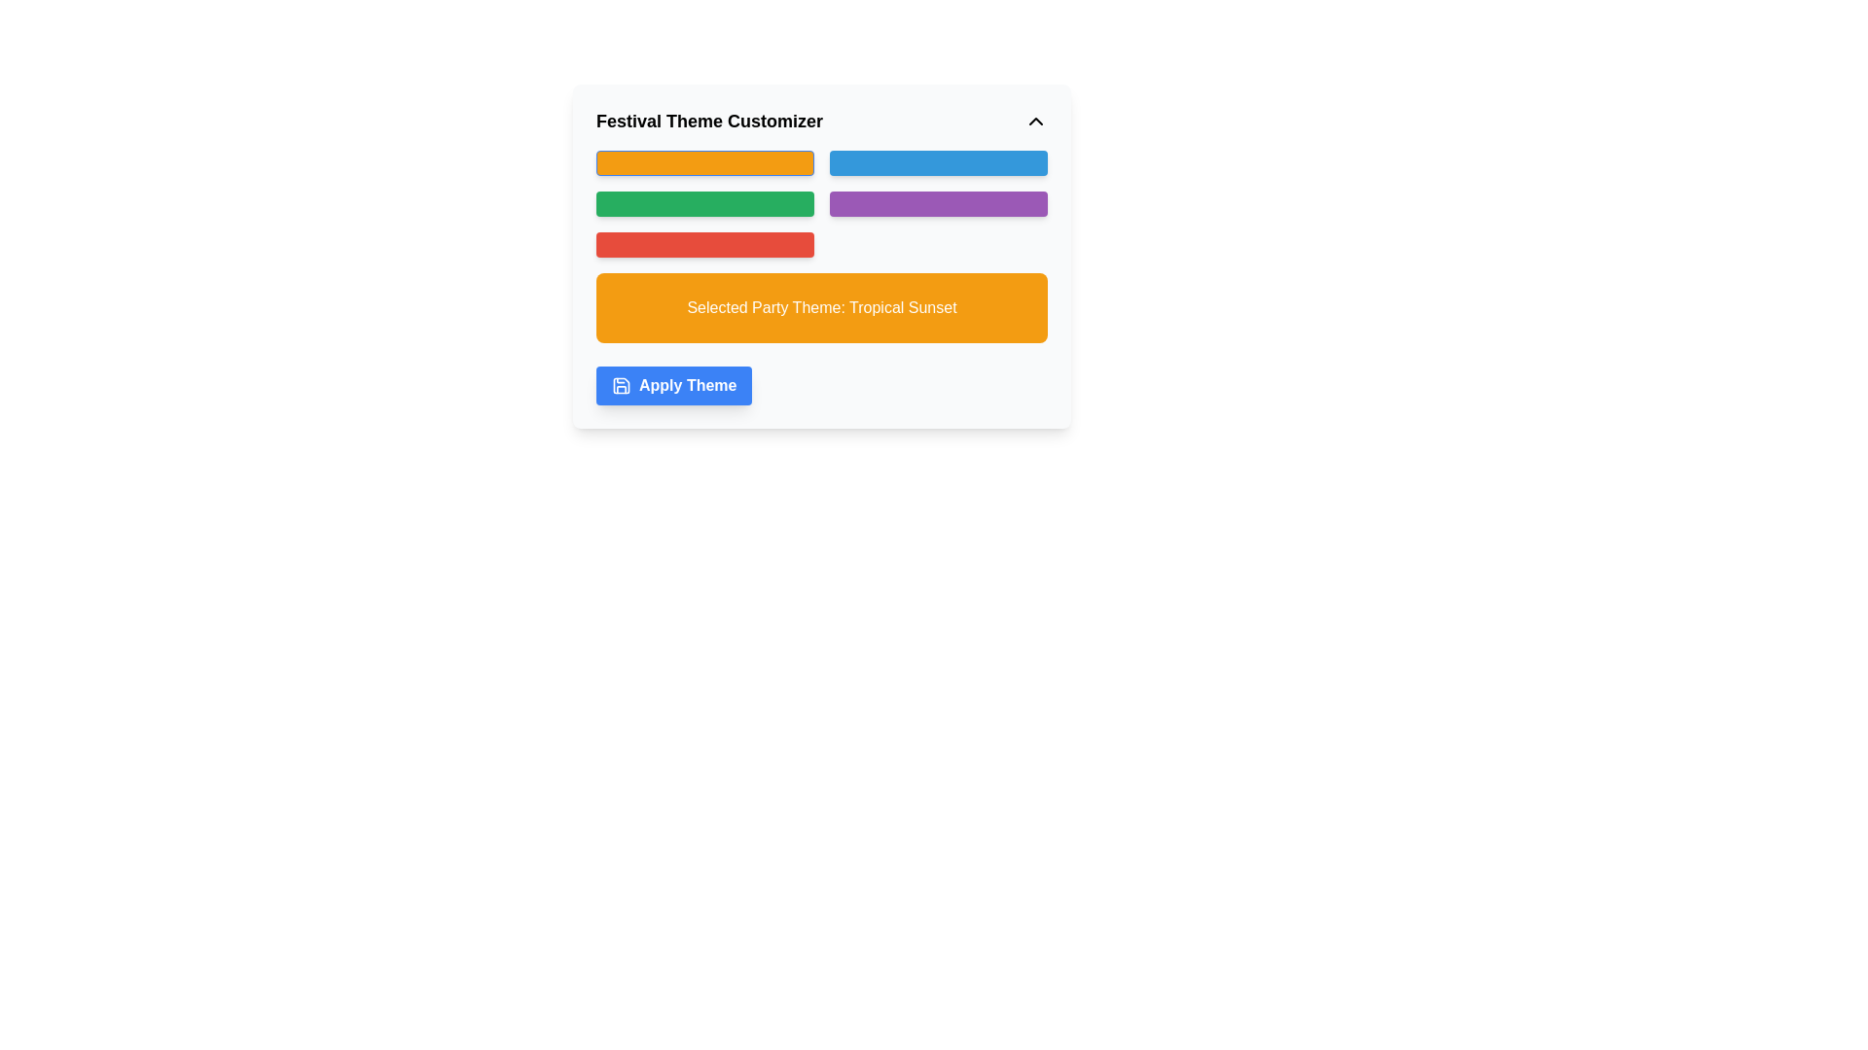 Image resolution: width=1868 pixels, height=1050 pixels. I want to click on the rectangular blue button labeled 'Apply Theme' located at the bottom-right of the 'Festival Theme Customizer' interface to apply the theme, so click(674, 386).